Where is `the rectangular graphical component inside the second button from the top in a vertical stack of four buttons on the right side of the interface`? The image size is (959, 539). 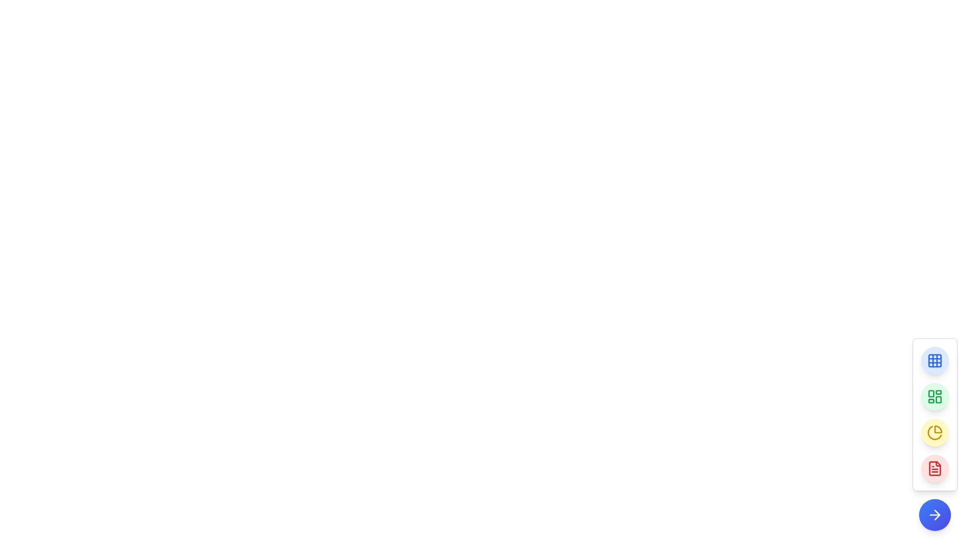 the rectangular graphical component inside the second button from the top in a vertical stack of four buttons on the right side of the interface is located at coordinates (938, 399).